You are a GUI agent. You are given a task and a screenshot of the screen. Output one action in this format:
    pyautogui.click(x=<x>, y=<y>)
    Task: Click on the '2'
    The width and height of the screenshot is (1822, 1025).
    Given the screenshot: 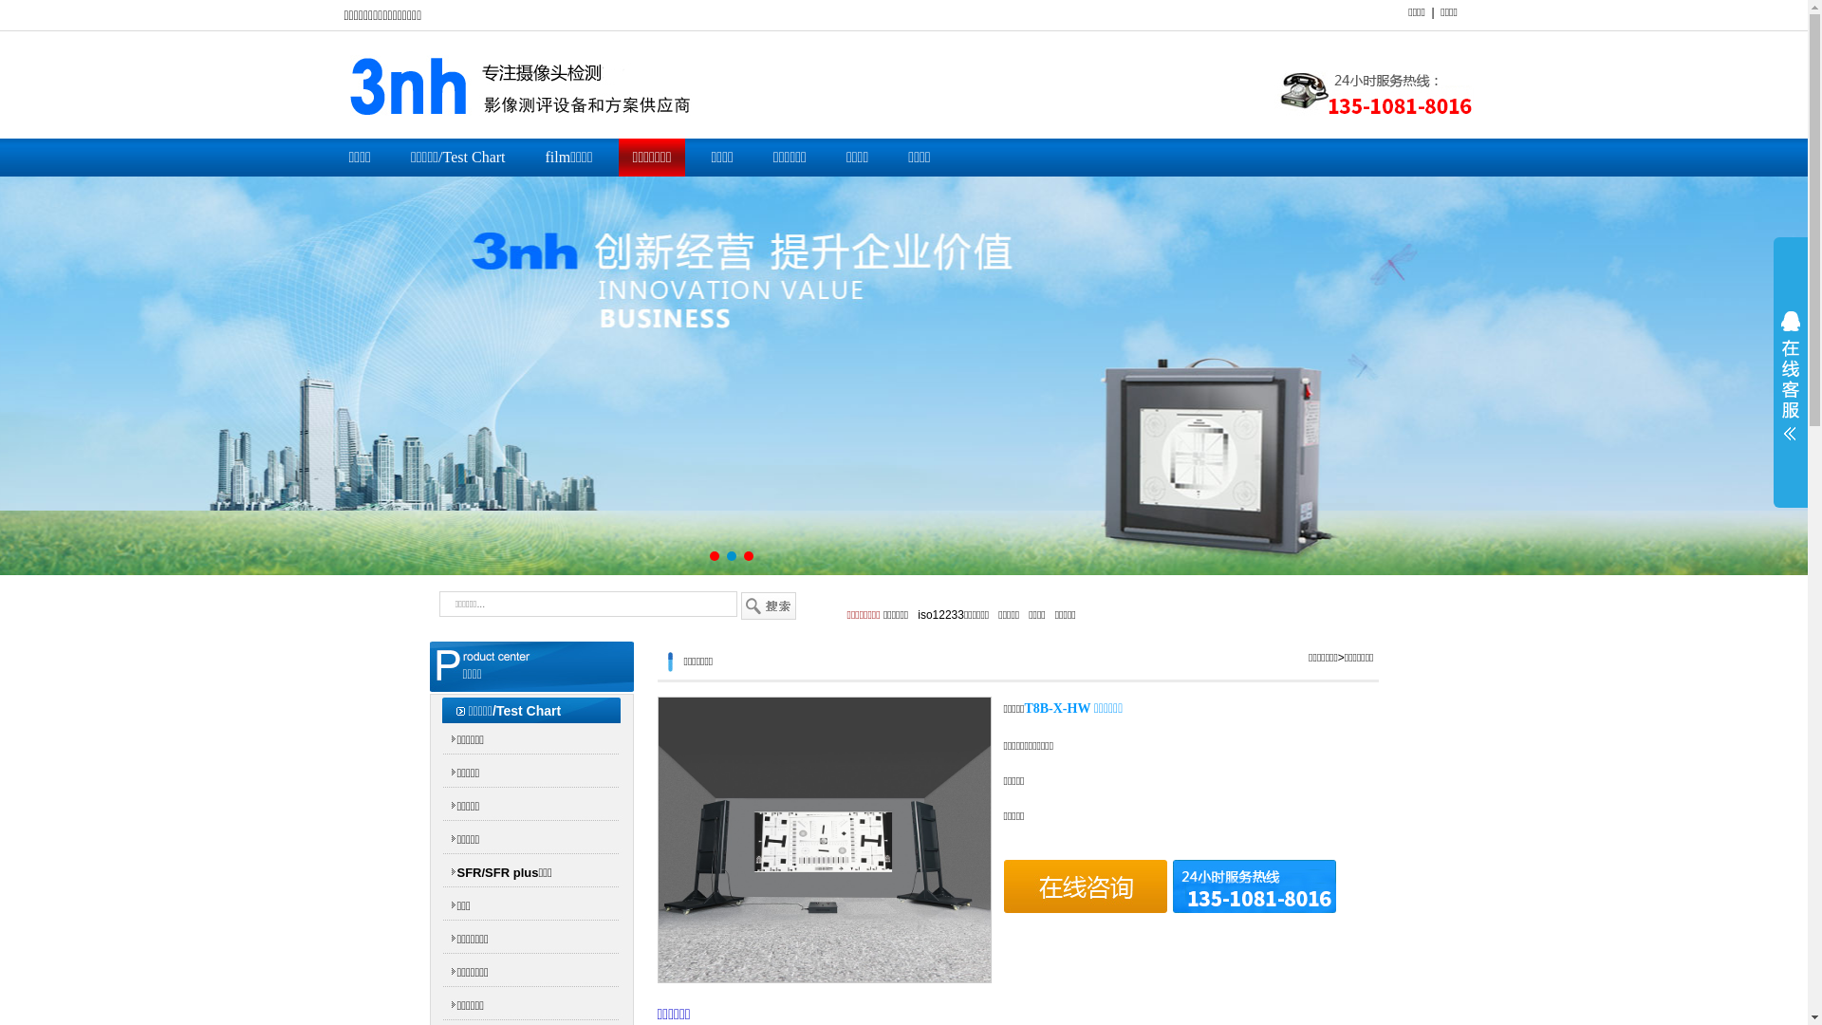 What is the action you would take?
    pyautogui.click(x=731, y=555)
    